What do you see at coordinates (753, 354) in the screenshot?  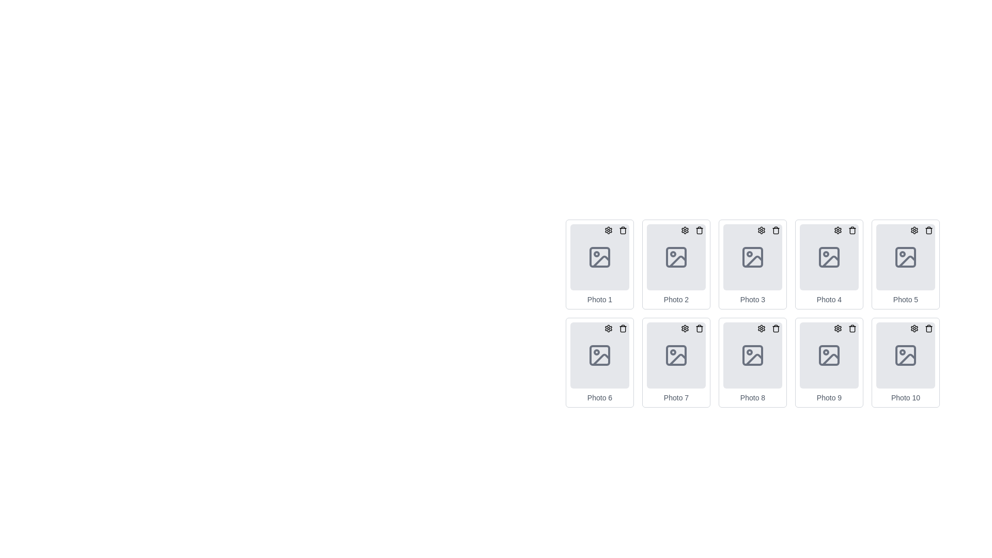 I see `the icon that represents the absence of an image within the card labeled 'Photo 8', which is located in the eighth position of a grid layout` at bounding box center [753, 354].